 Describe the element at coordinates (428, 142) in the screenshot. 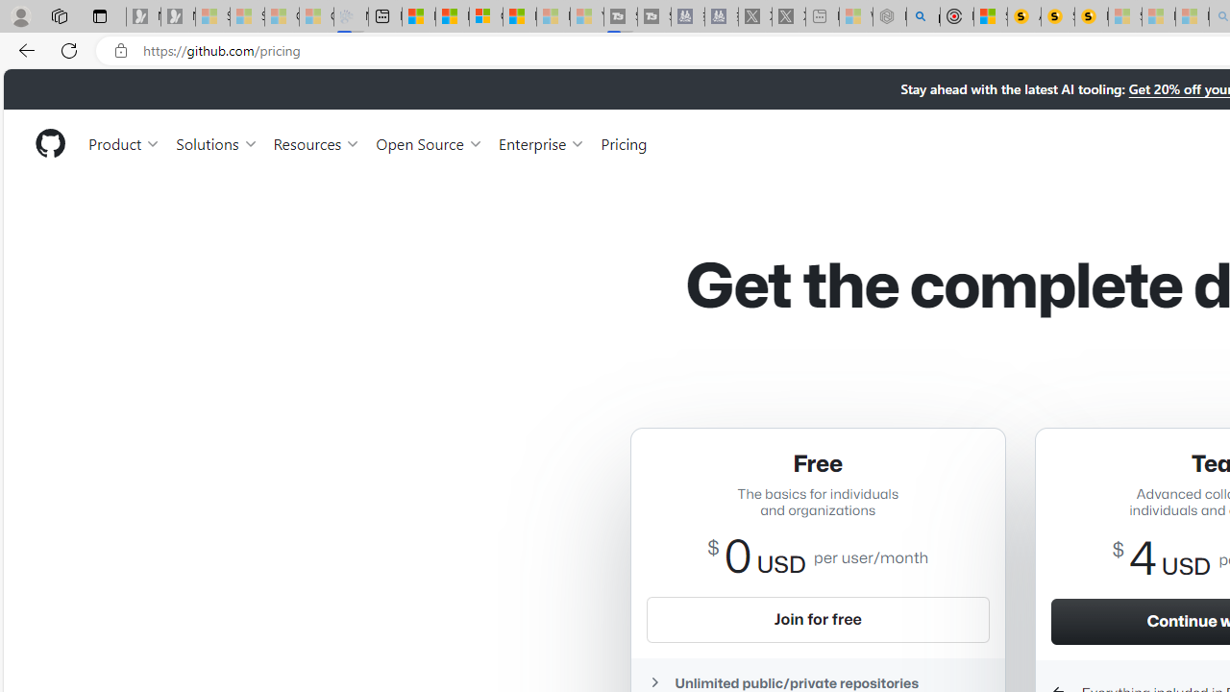

I see `'Open Source'` at that location.